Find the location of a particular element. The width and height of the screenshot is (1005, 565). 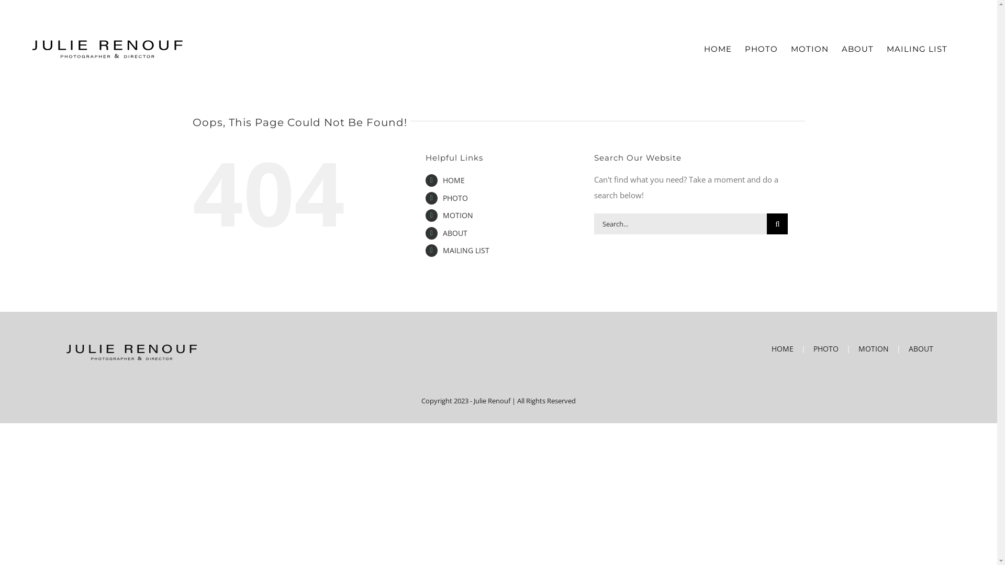

'HOME' is located at coordinates (454, 179).